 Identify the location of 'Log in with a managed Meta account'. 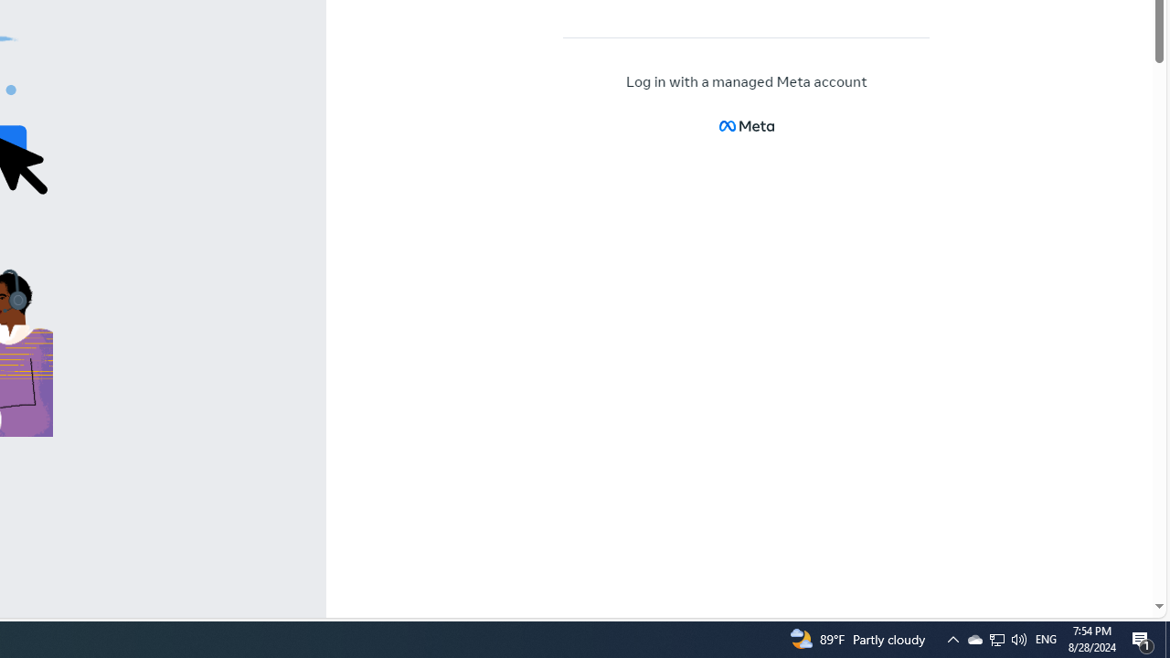
(747, 82).